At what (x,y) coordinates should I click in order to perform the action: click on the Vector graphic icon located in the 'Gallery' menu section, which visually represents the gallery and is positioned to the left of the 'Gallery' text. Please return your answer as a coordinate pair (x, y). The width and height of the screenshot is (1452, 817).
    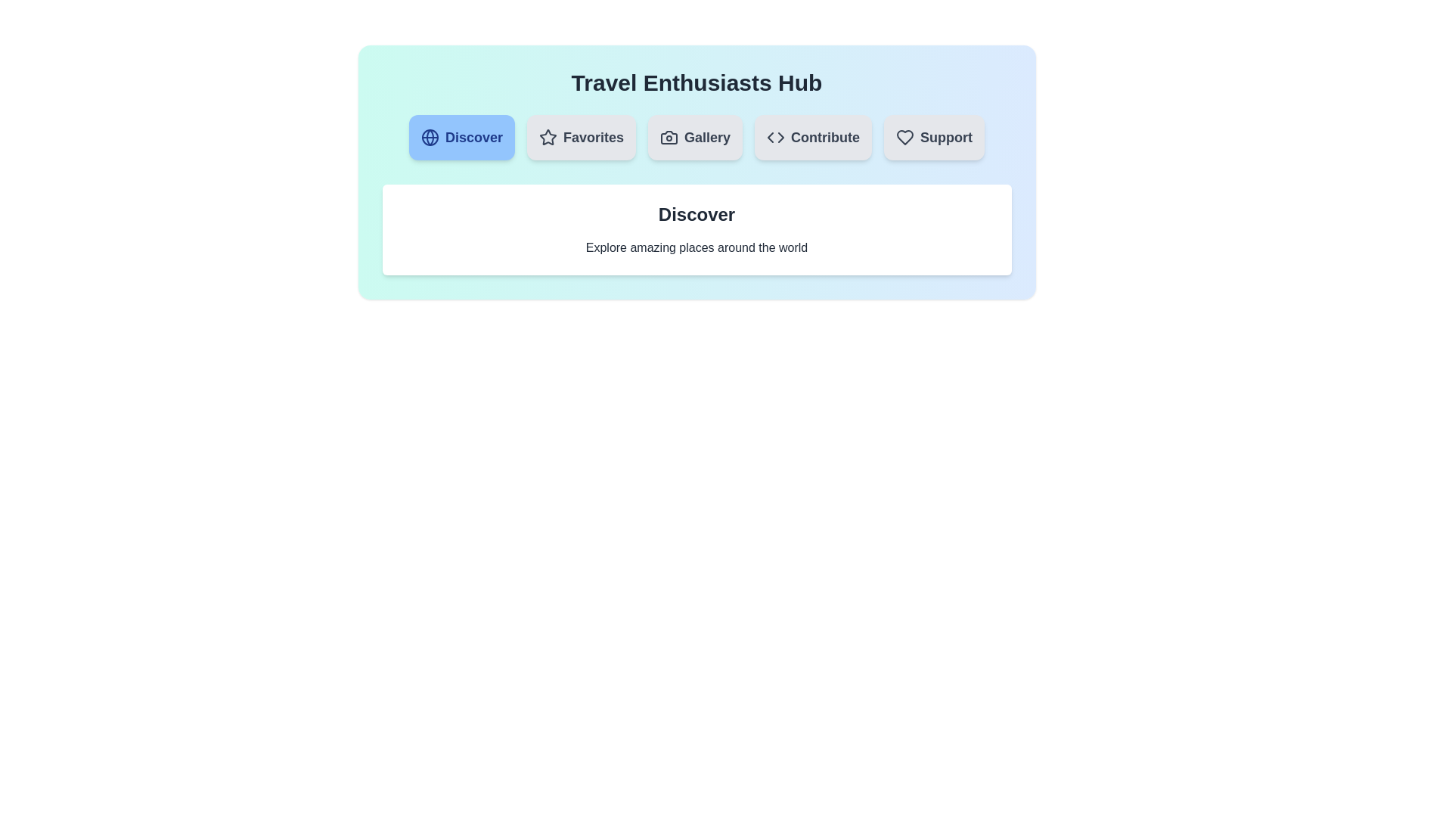
    Looking at the image, I should click on (669, 137).